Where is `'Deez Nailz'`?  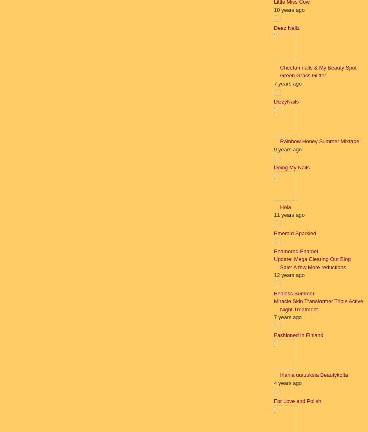
'Deez Nailz' is located at coordinates (286, 27).